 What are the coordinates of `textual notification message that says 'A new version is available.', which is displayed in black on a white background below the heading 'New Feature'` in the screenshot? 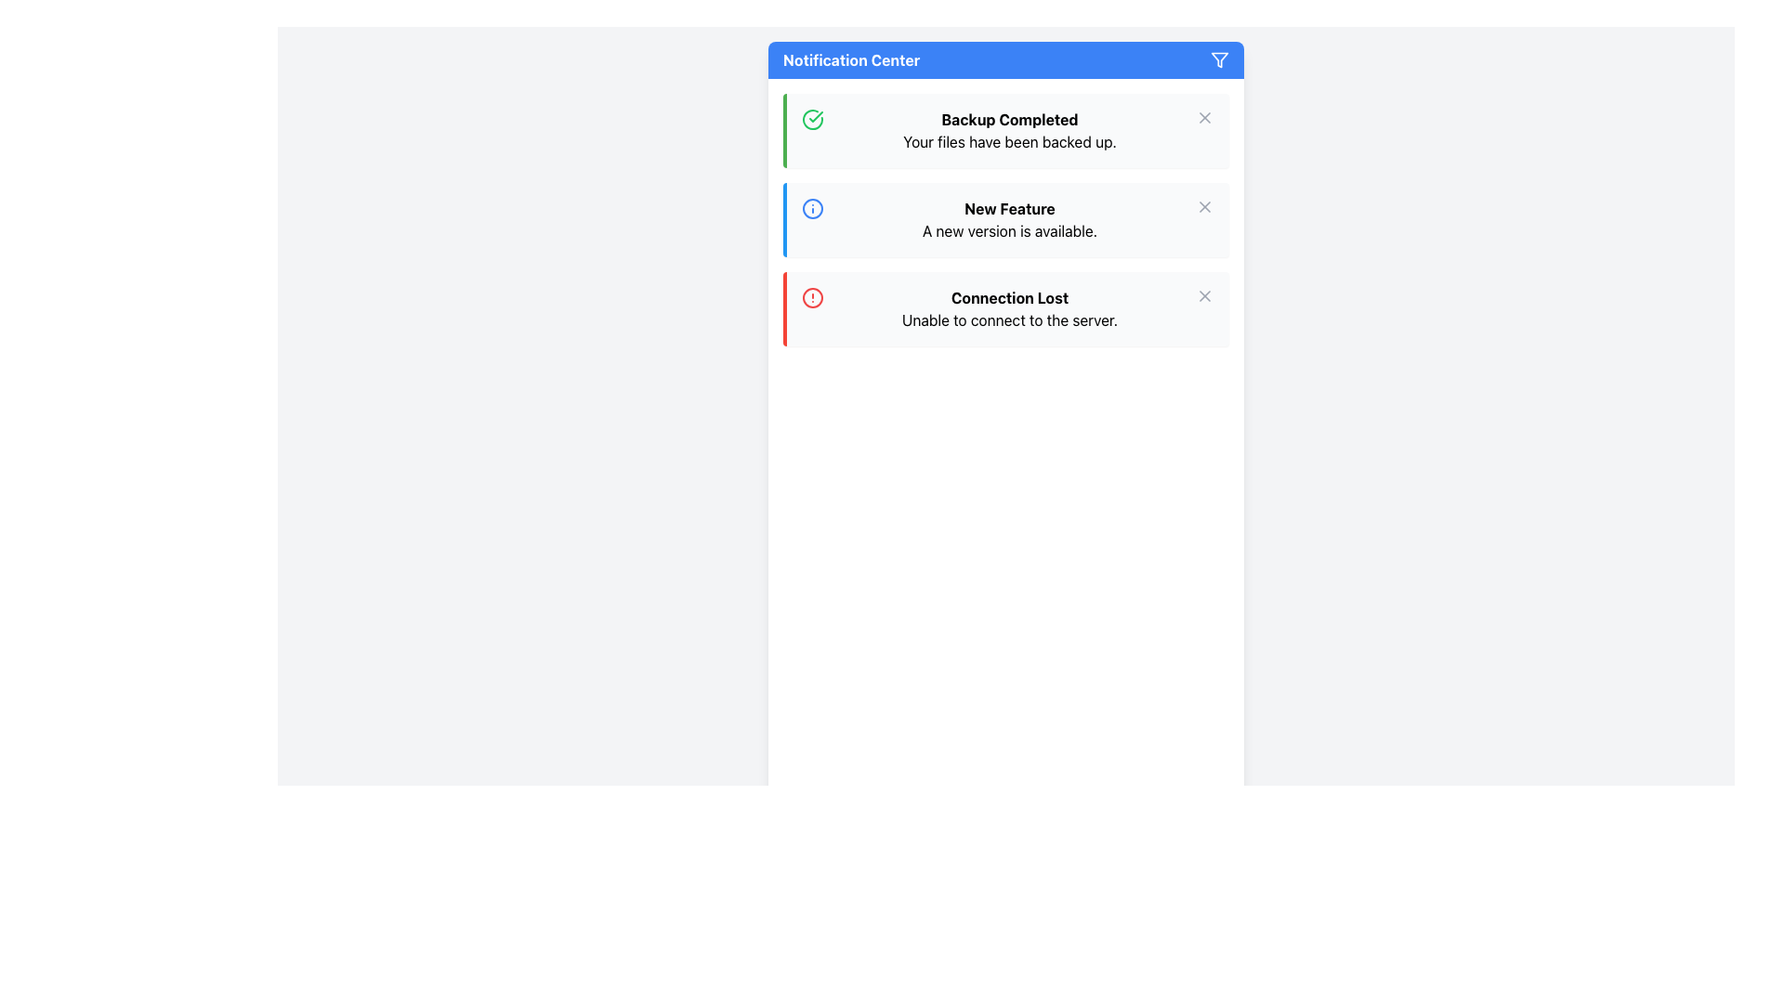 It's located at (1008, 230).